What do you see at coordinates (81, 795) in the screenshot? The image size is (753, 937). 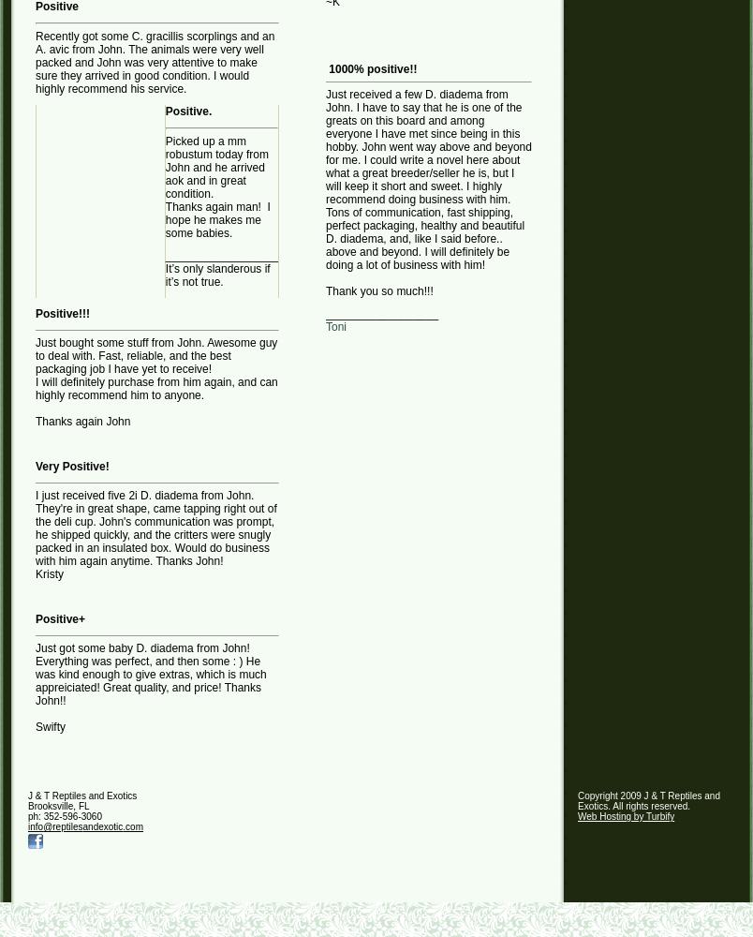 I see `'J & T Reptiles and Exotics'` at bounding box center [81, 795].